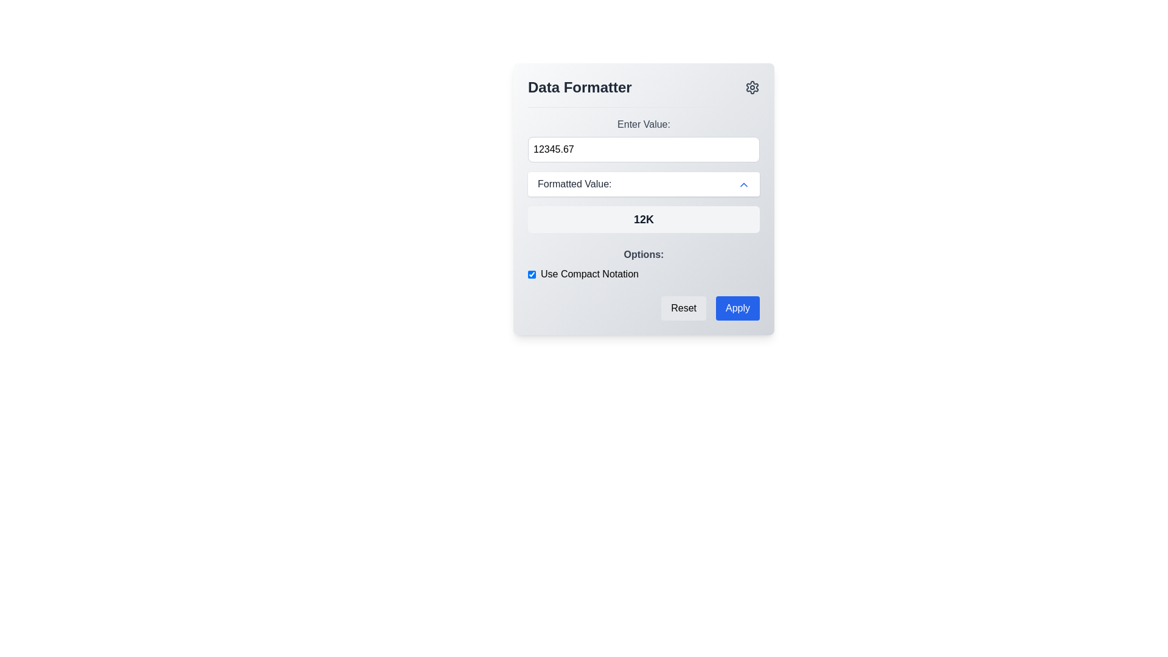 The height and width of the screenshot is (657, 1168). I want to click on the 'Reset' button in the Button Group located at the bottom of the card layout, directly under the 'Use Compact Notation' checkbox, so click(643, 307).